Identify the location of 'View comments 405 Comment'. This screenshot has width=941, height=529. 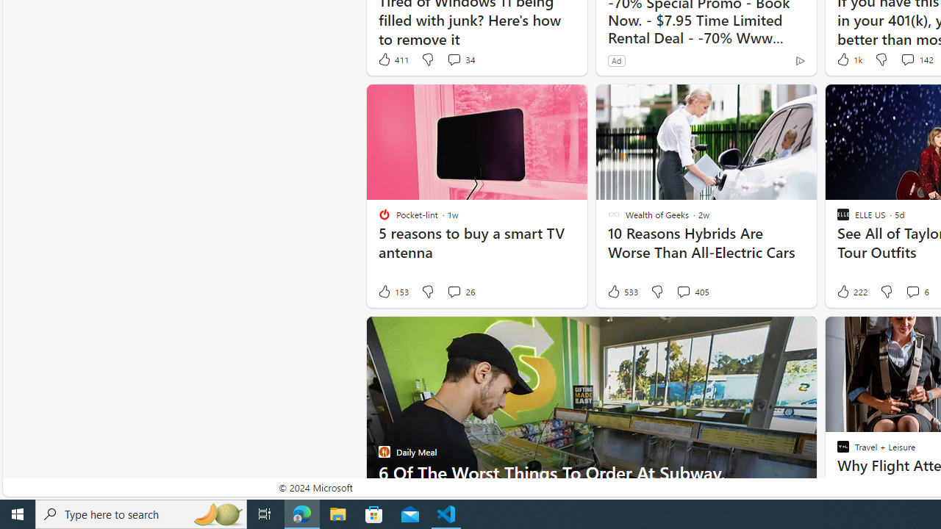
(682, 292).